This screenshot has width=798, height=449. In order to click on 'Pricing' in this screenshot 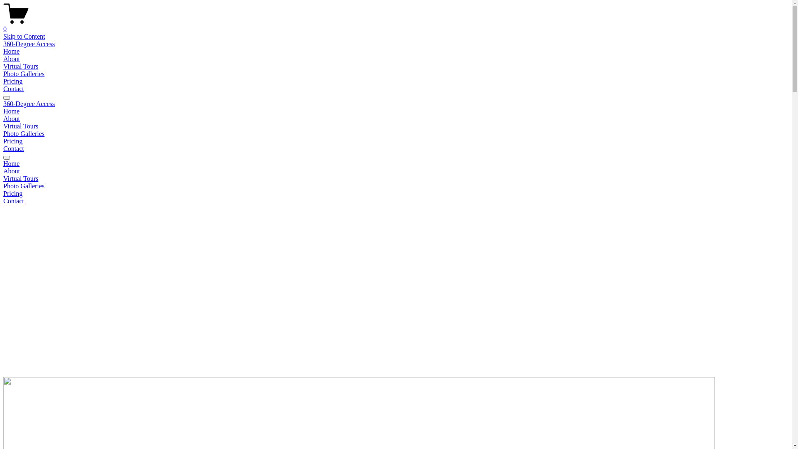, I will do `click(3, 81)`.